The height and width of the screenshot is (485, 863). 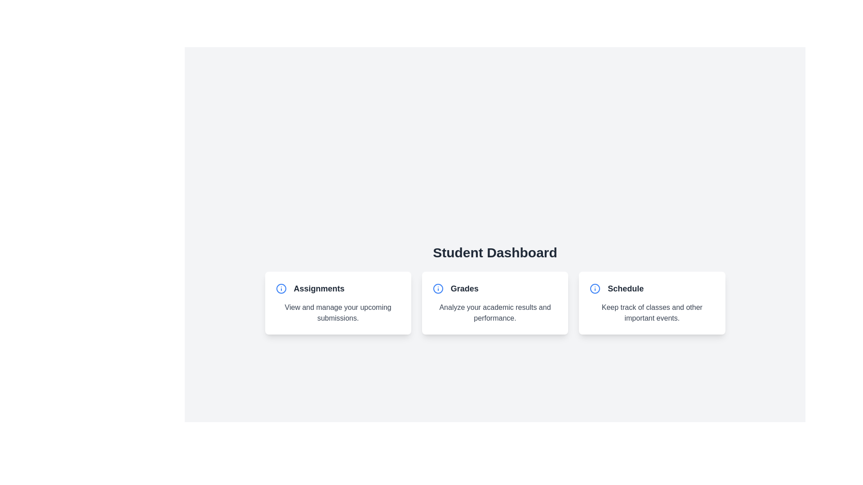 I want to click on the blue circular icon with an 'i' symbol located to the immediate left of the text 'Assignments' in the first card of the 'Student Dashboard' layout, so click(x=280, y=289).